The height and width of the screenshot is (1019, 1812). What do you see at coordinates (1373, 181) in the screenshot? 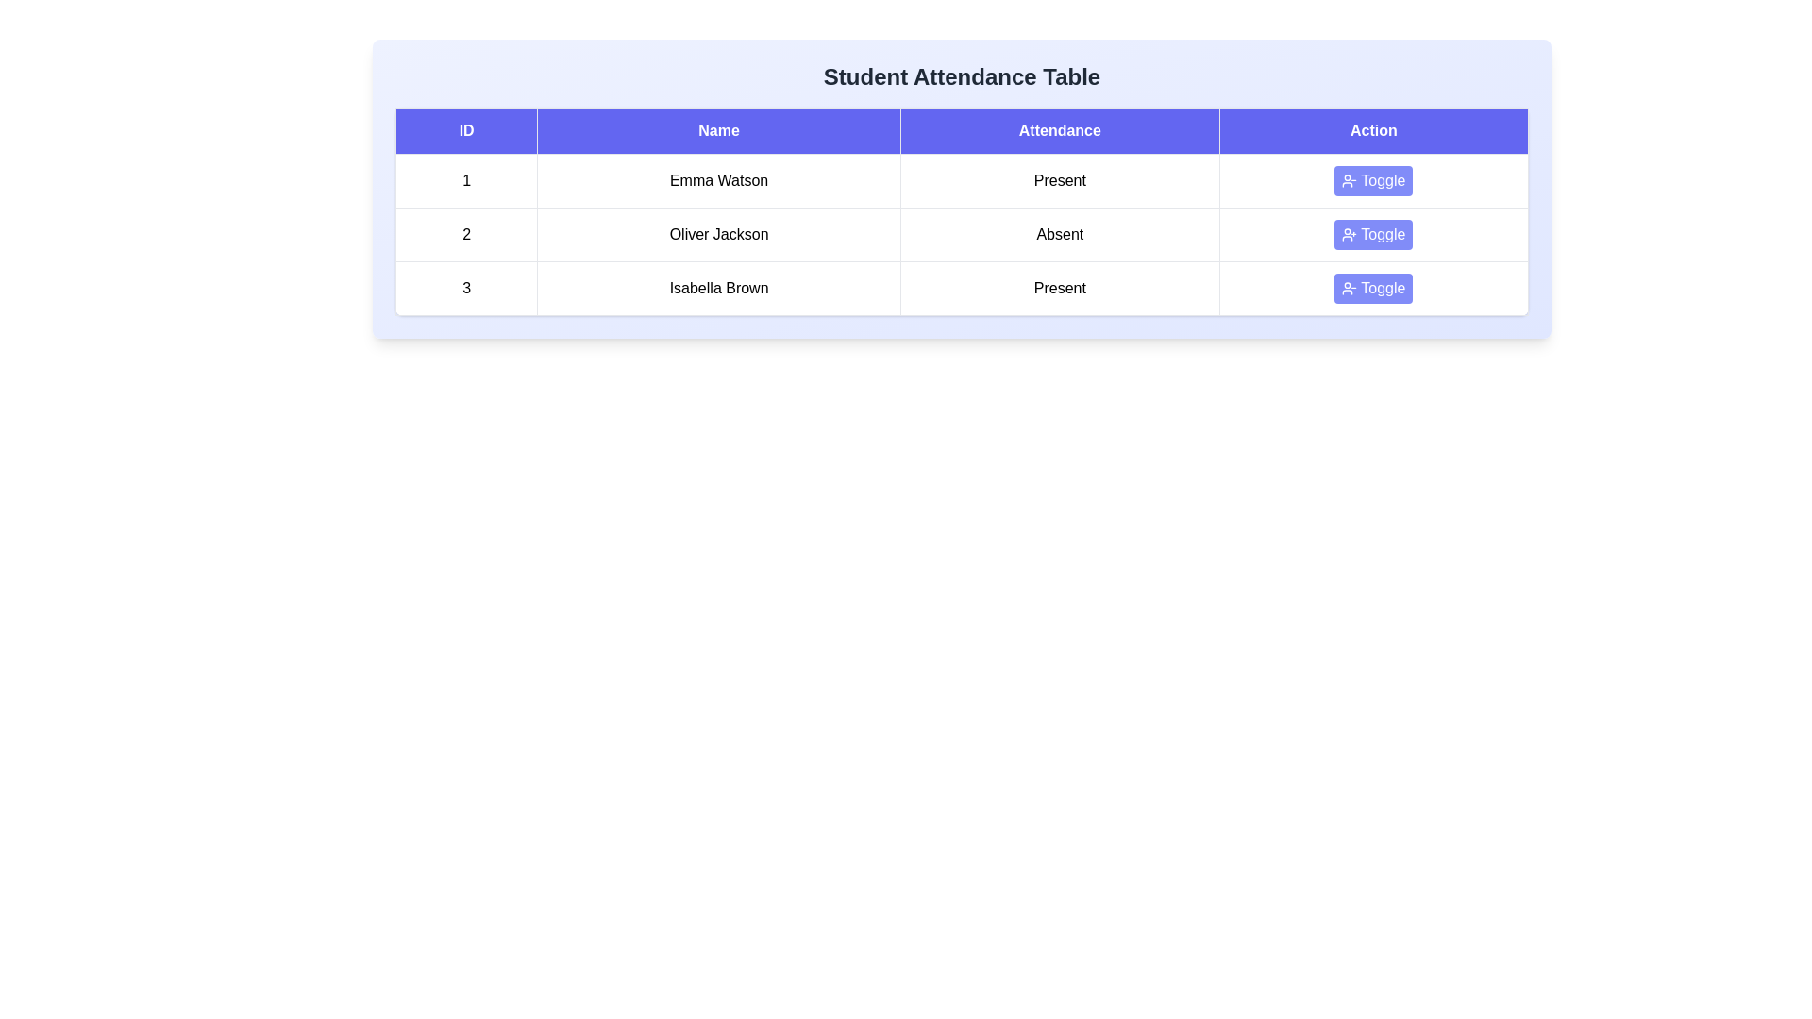
I see `the 'Toggle' button with a light indigo background and white text, located in the last column of the first row of the 'Student Attendance Table', to interact via keyboard` at bounding box center [1373, 181].